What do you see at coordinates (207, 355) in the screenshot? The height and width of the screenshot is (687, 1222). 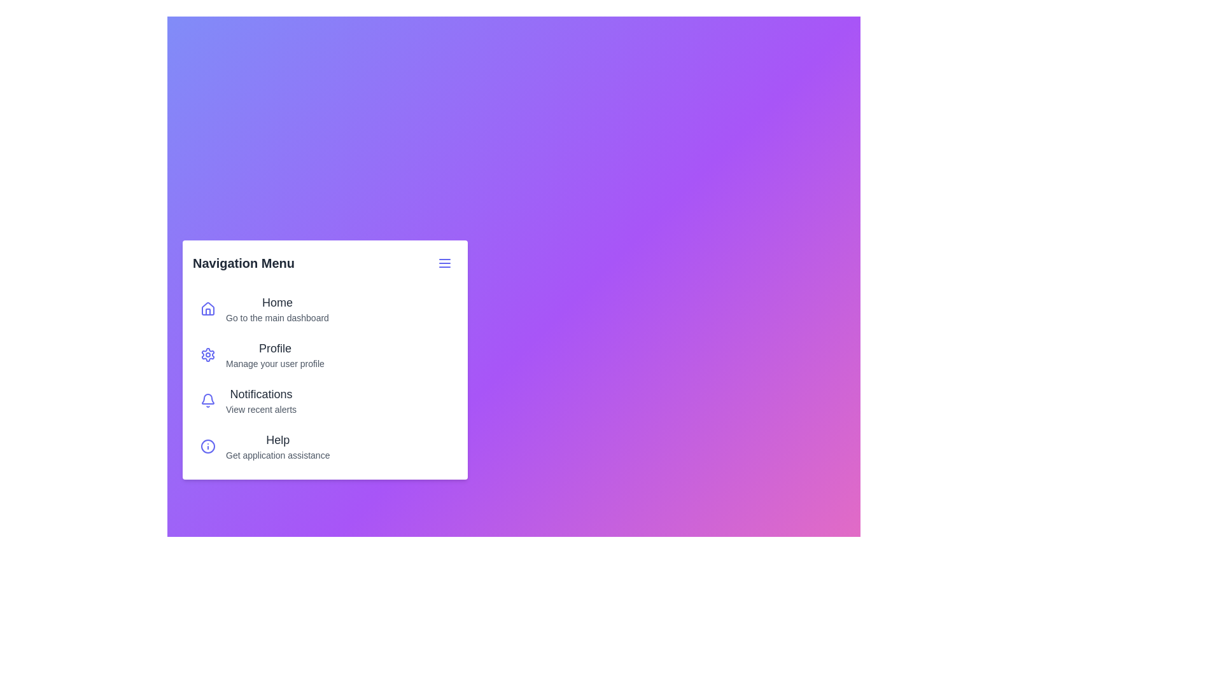 I see `the menu item labeled 'Profile' to highlight it` at bounding box center [207, 355].